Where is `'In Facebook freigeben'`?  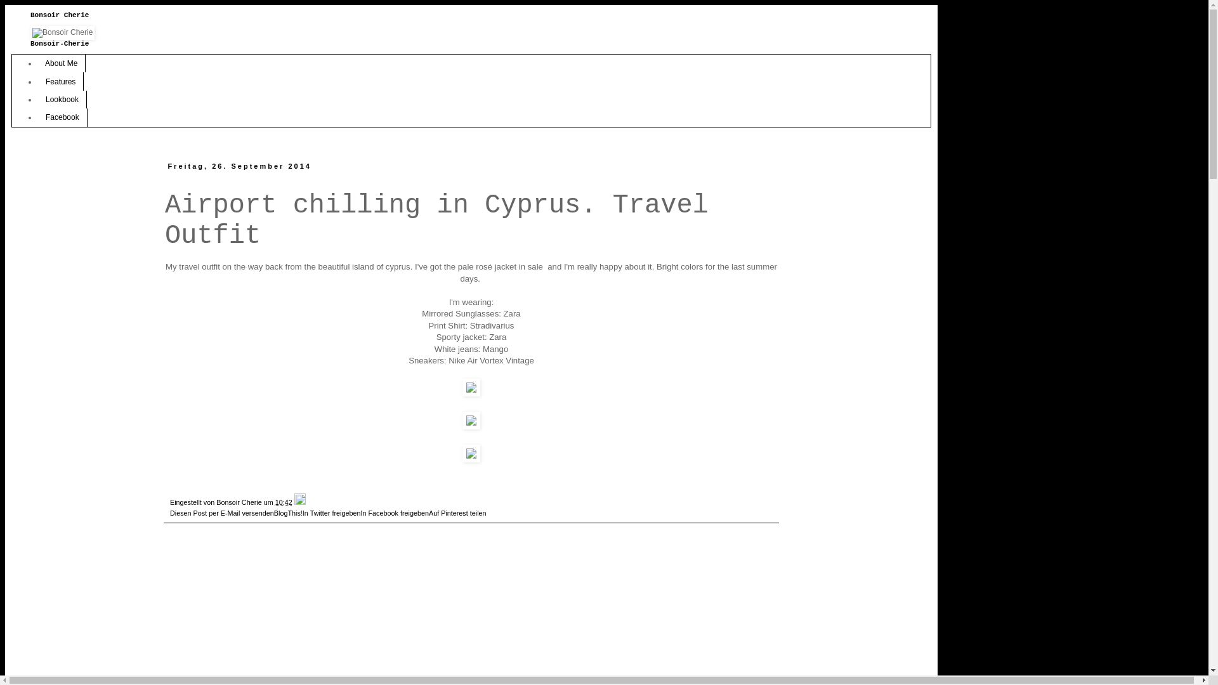
'In Facebook freigeben' is located at coordinates (393, 512).